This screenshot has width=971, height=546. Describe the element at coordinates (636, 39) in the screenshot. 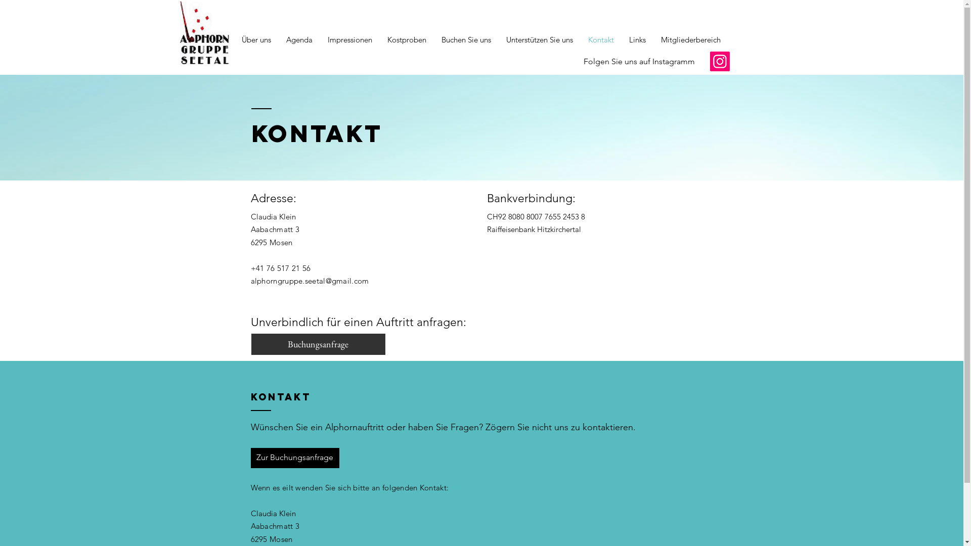

I see `'Links'` at that location.